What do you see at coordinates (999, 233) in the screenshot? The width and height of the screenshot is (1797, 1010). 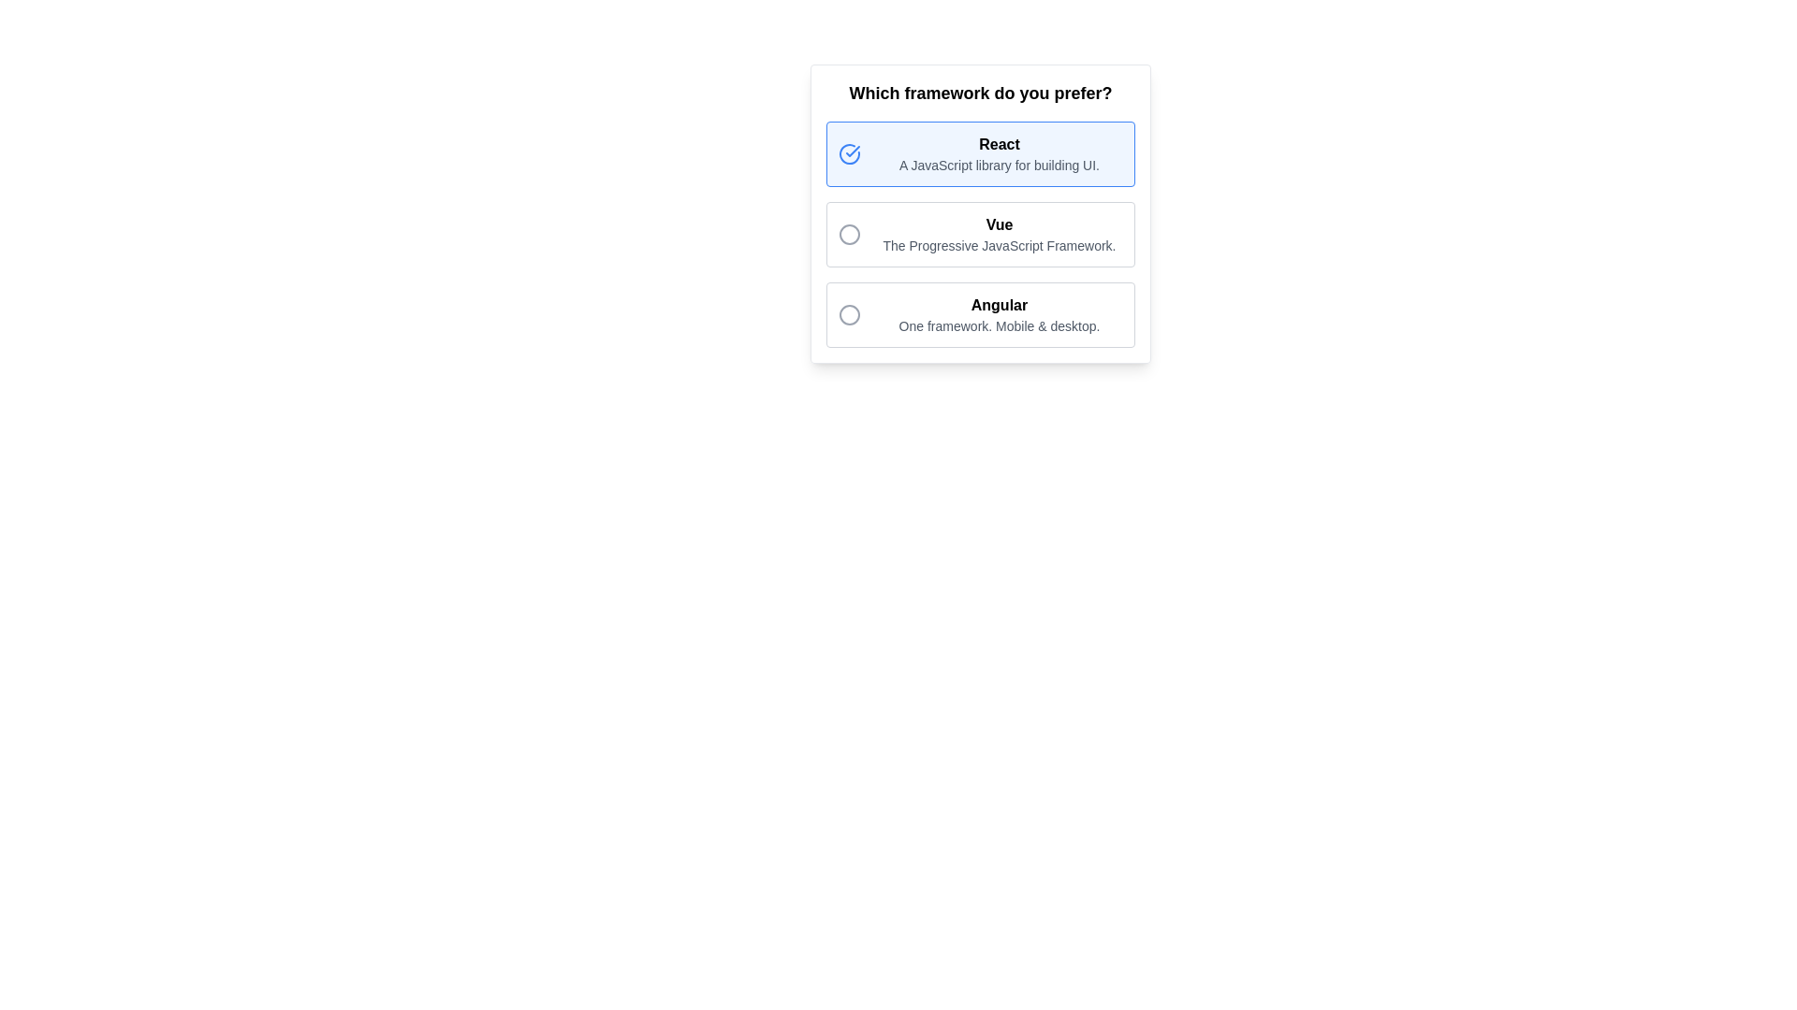 I see `the middle text-based selectable option titled 'Vue'` at bounding box center [999, 233].